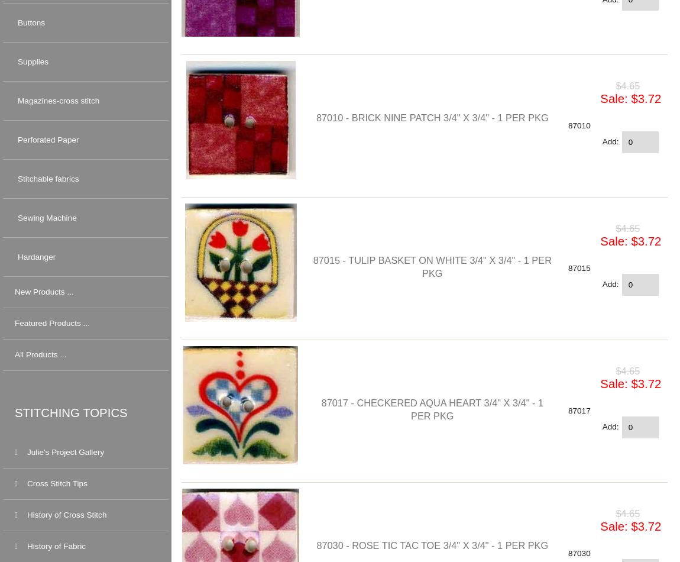 This screenshot has width=680, height=562. What do you see at coordinates (58, 100) in the screenshot?
I see `'Magazines-cross stitch'` at bounding box center [58, 100].